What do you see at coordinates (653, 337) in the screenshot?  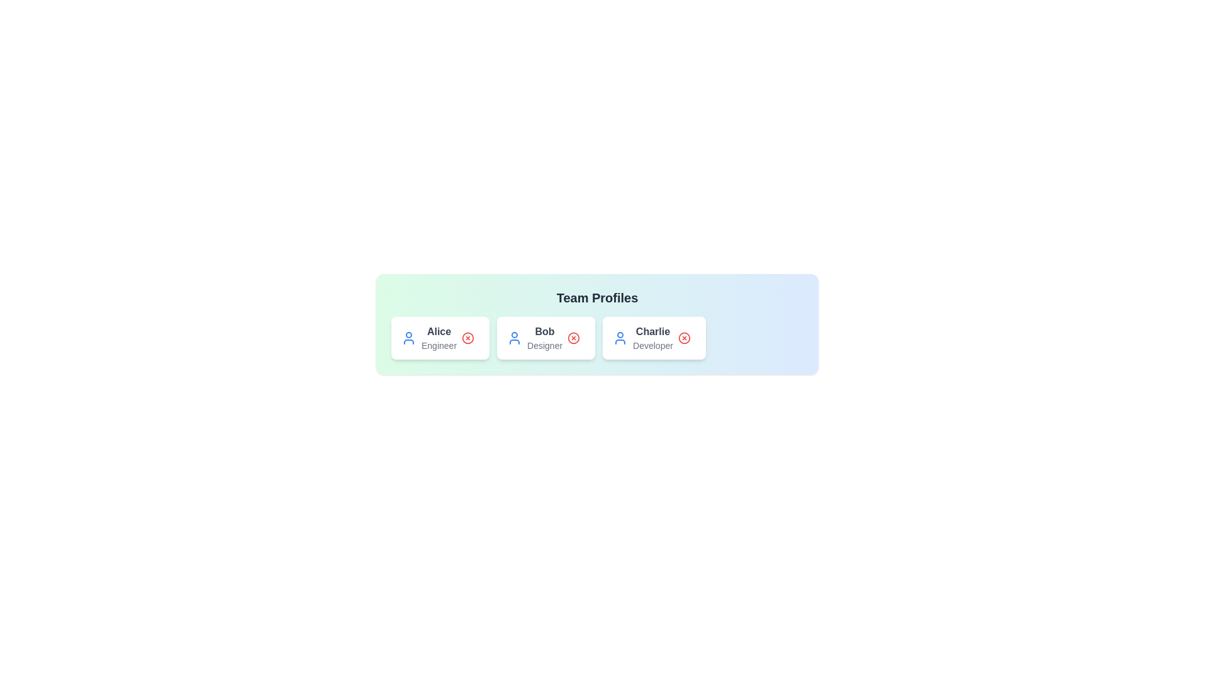 I see `the profile chip for Charlie` at bounding box center [653, 337].